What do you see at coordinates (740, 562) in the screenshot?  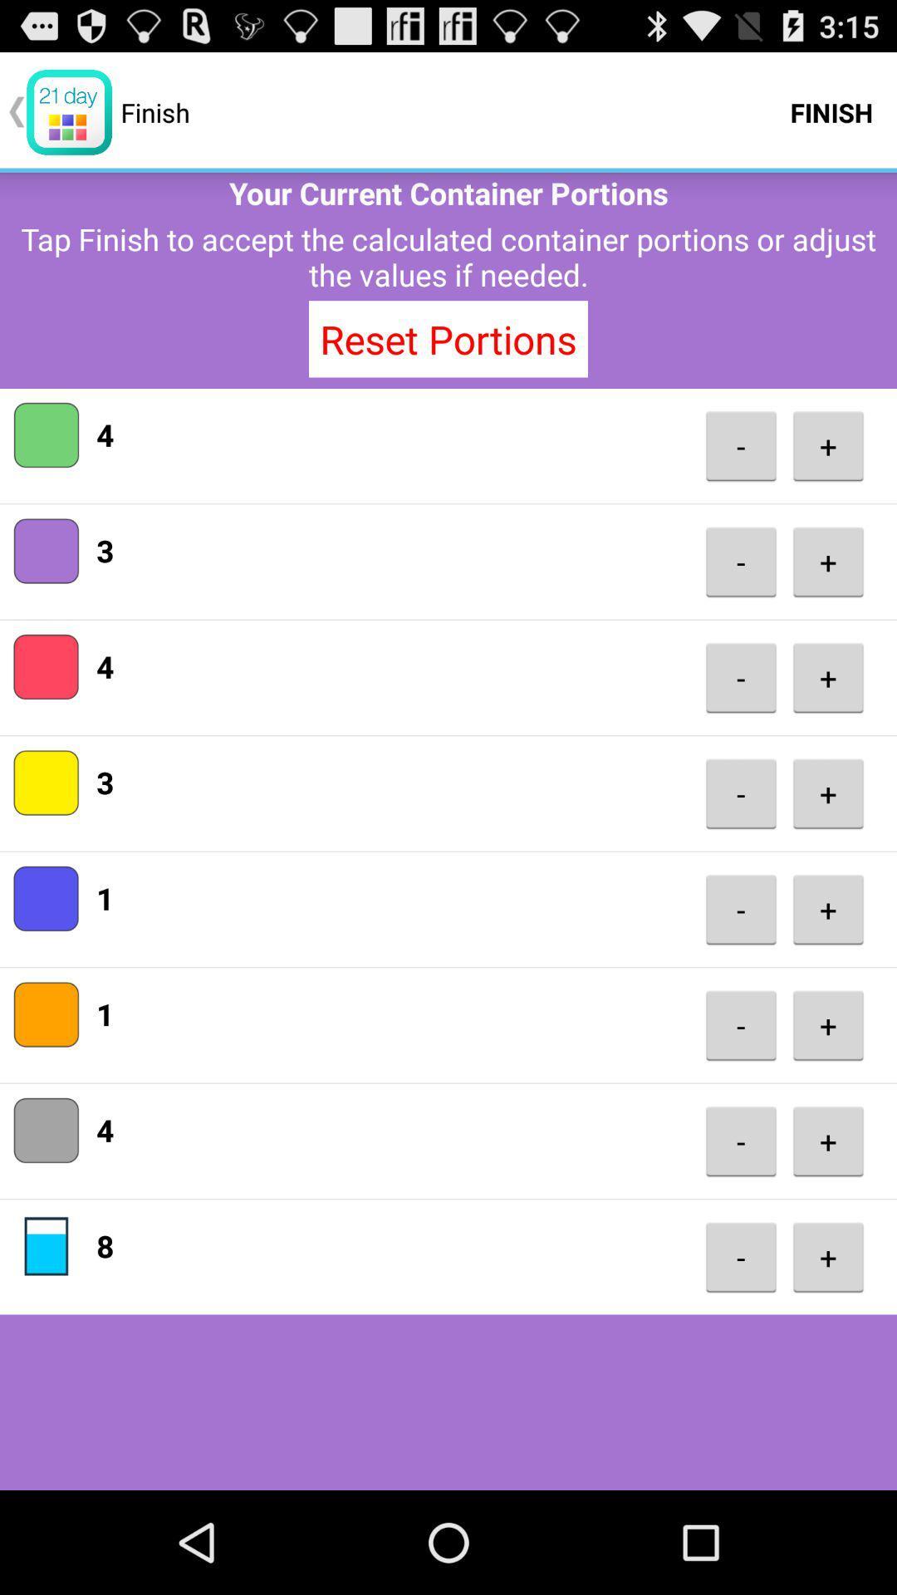 I see `the app next to the 3 item` at bounding box center [740, 562].